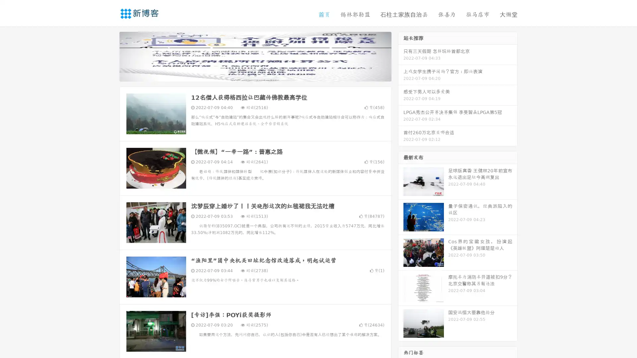 The width and height of the screenshot is (637, 358). What do you see at coordinates (255, 75) in the screenshot?
I see `Go to slide 2` at bounding box center [255, 75].